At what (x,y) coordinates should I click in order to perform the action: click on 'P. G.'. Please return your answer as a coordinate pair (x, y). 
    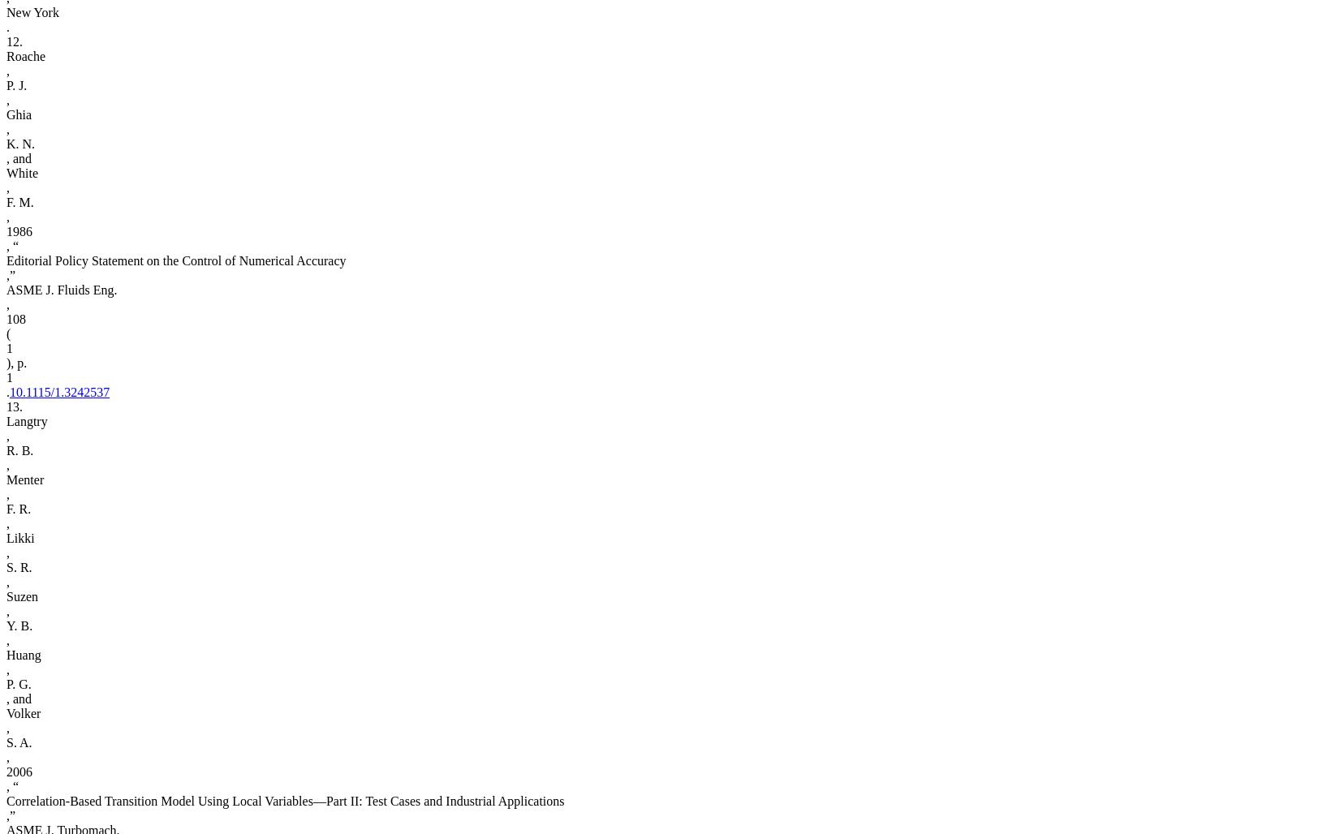
    Looking at the image, I should click on (5, 683).